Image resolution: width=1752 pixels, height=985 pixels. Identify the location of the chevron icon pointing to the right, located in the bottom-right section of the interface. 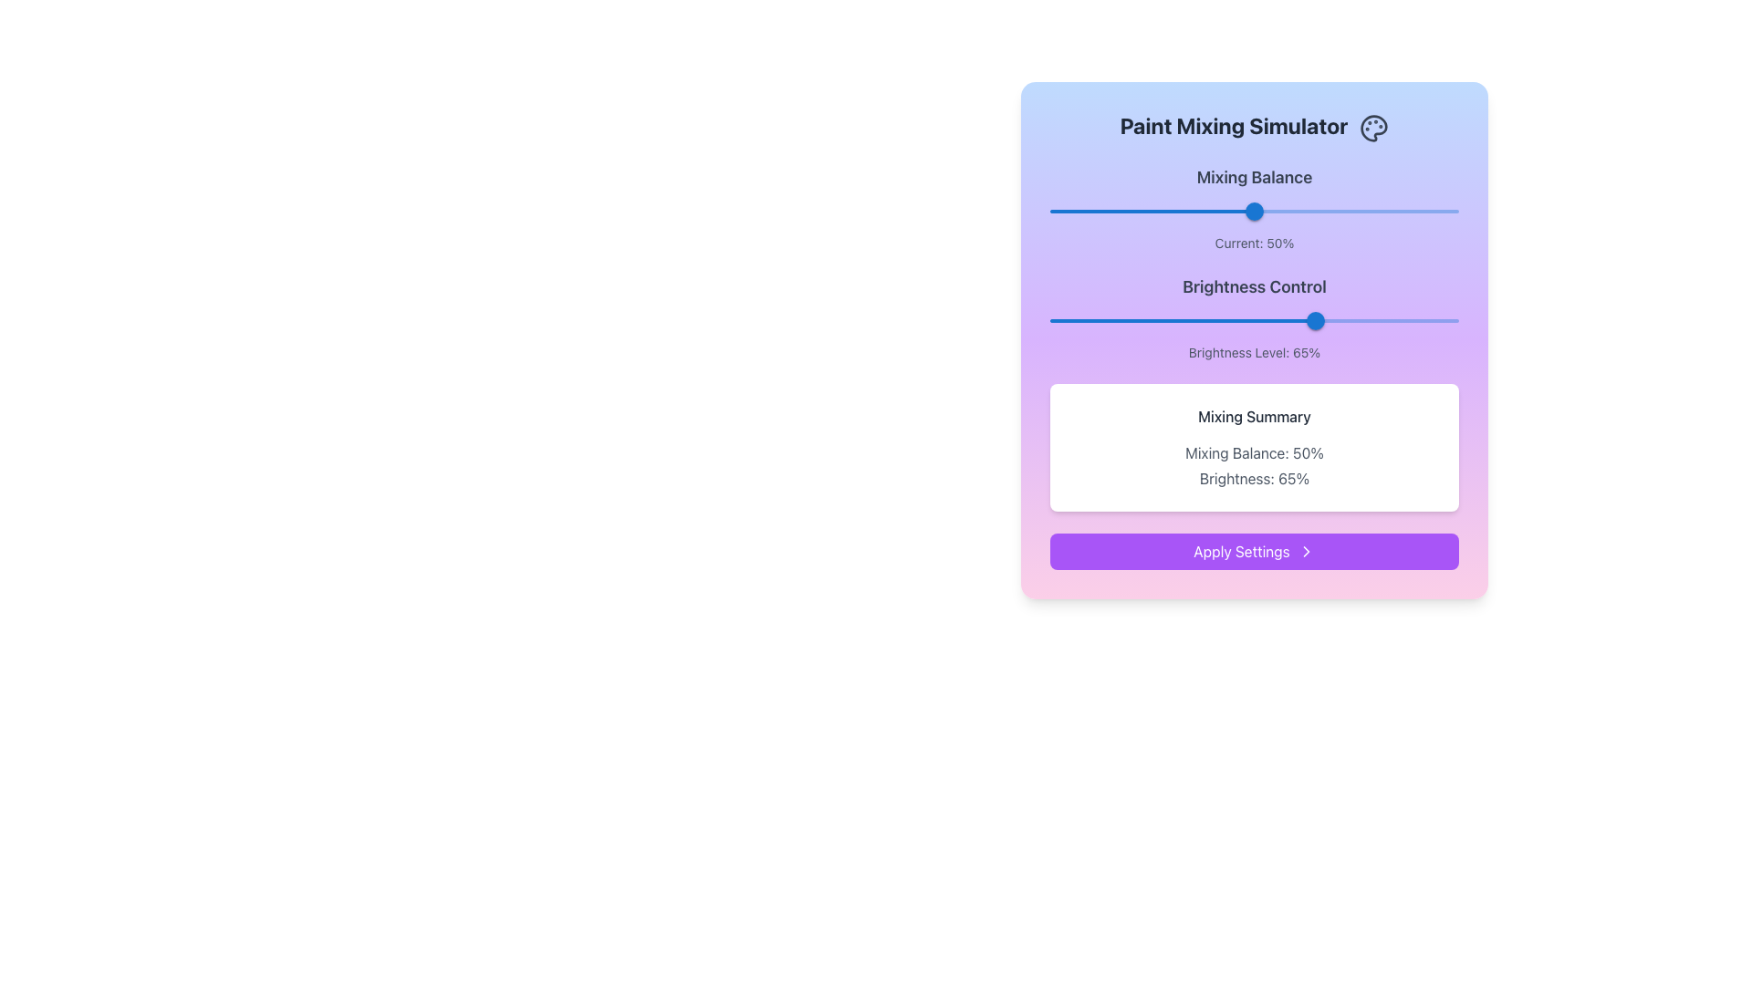
(1305, 550).